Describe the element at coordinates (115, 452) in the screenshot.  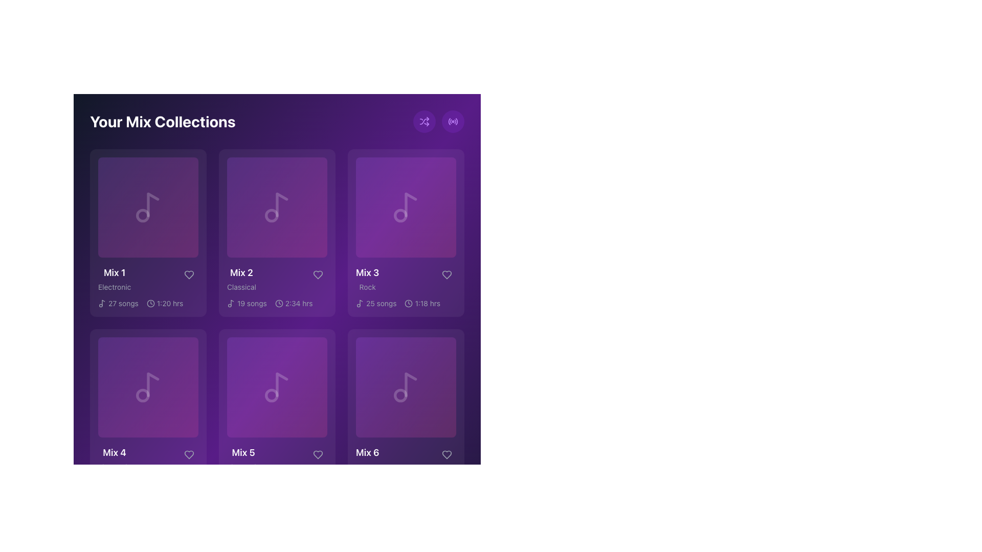
I see `the text element displaying 'Mix 4' in a bold white font against a purple background, located in the bottom-left section of the layout grid, above the caption 'Electronic'` at that location.